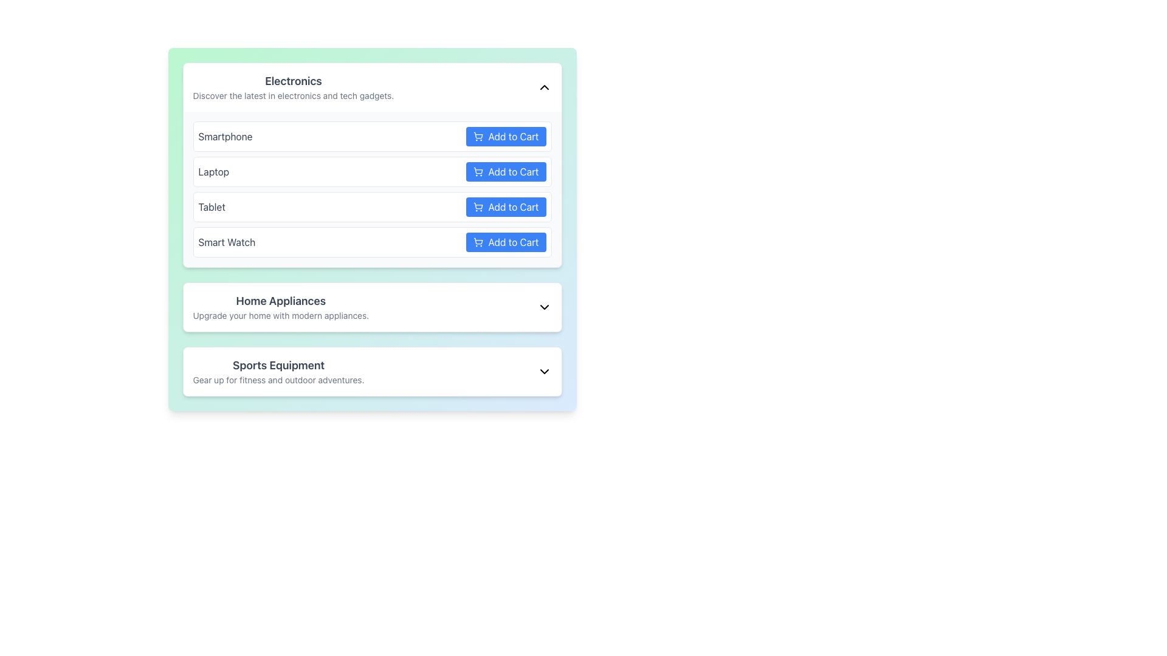 This screenshot has width=1167, height=656. Describe the element at coordinates (506, 136) in the screenshot. I see `the 'Add to Cart' button, which has a blue background and white text` at that location.